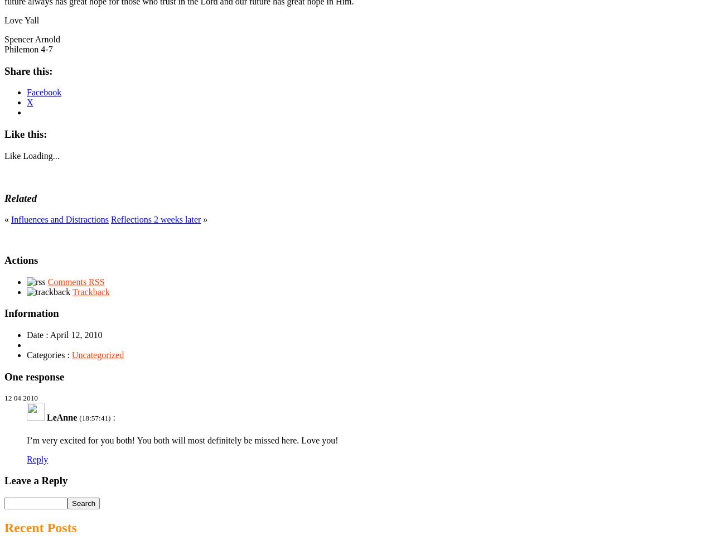 This screenshot has height=540, width=725. Describe the element at coordinates (20, 197) in the screenshot. I see `'Related'` at that location.